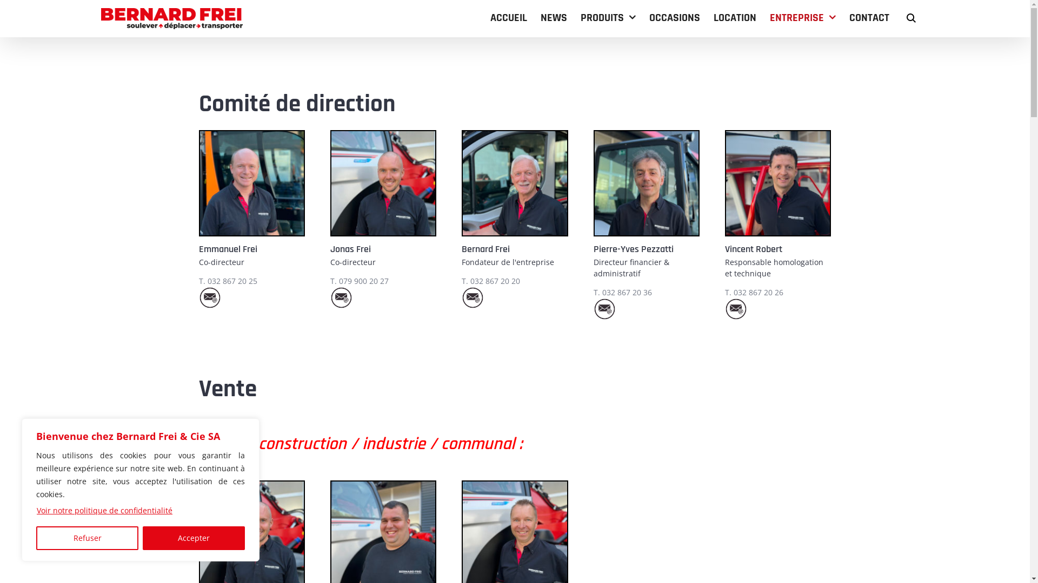 The image size is (1038, 583). What do you see at coordinates (580, 17) in the screenshot?
I see `'PRODUITS'` at bounding box center [580, 17].